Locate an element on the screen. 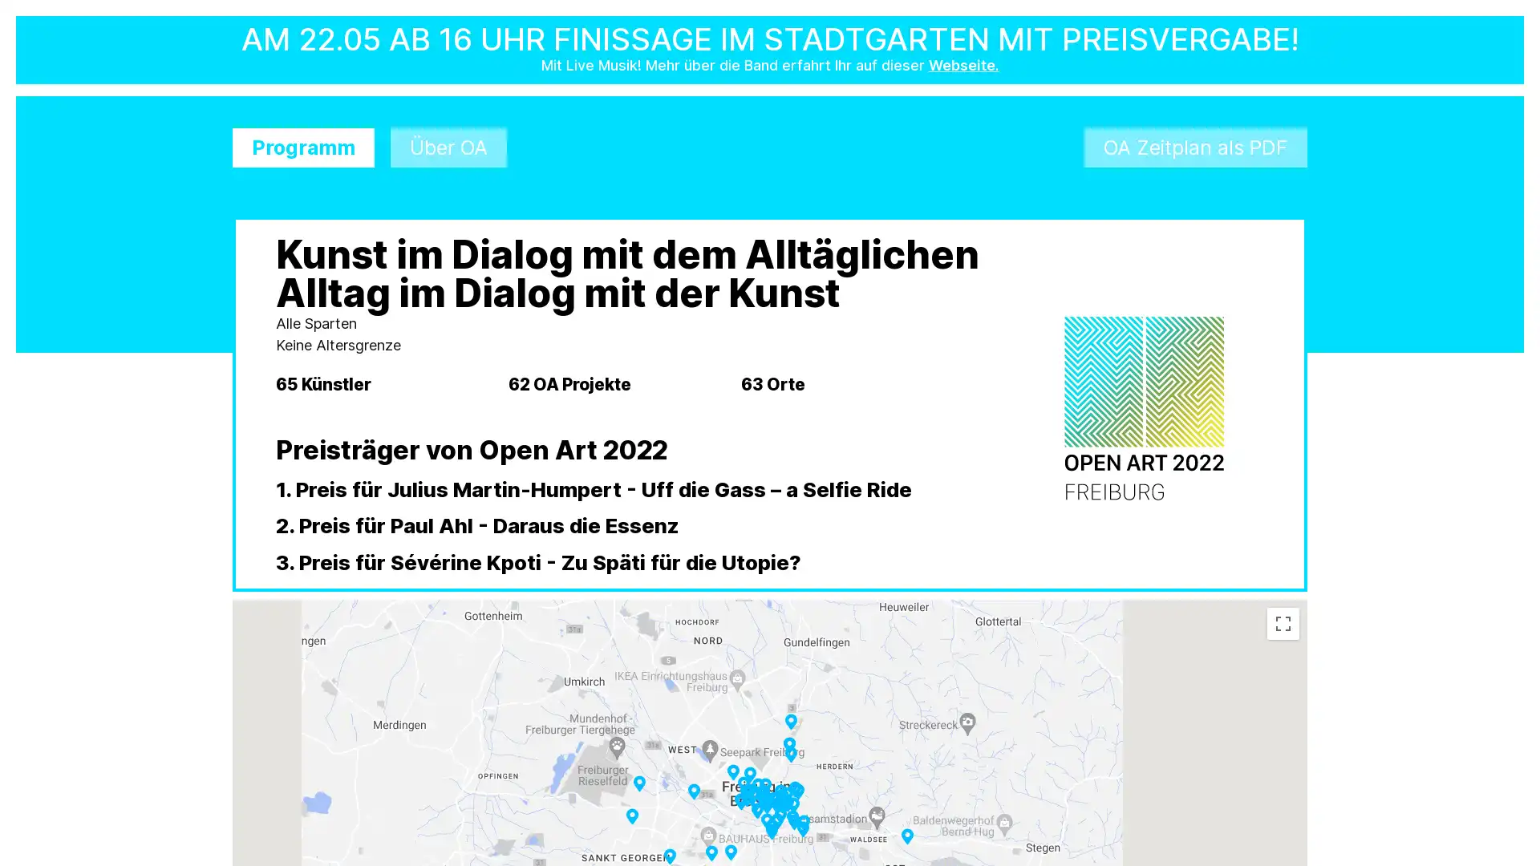 The height and width of the screenshot is (866, 1540). Programm is located at coordinates (303, 148).